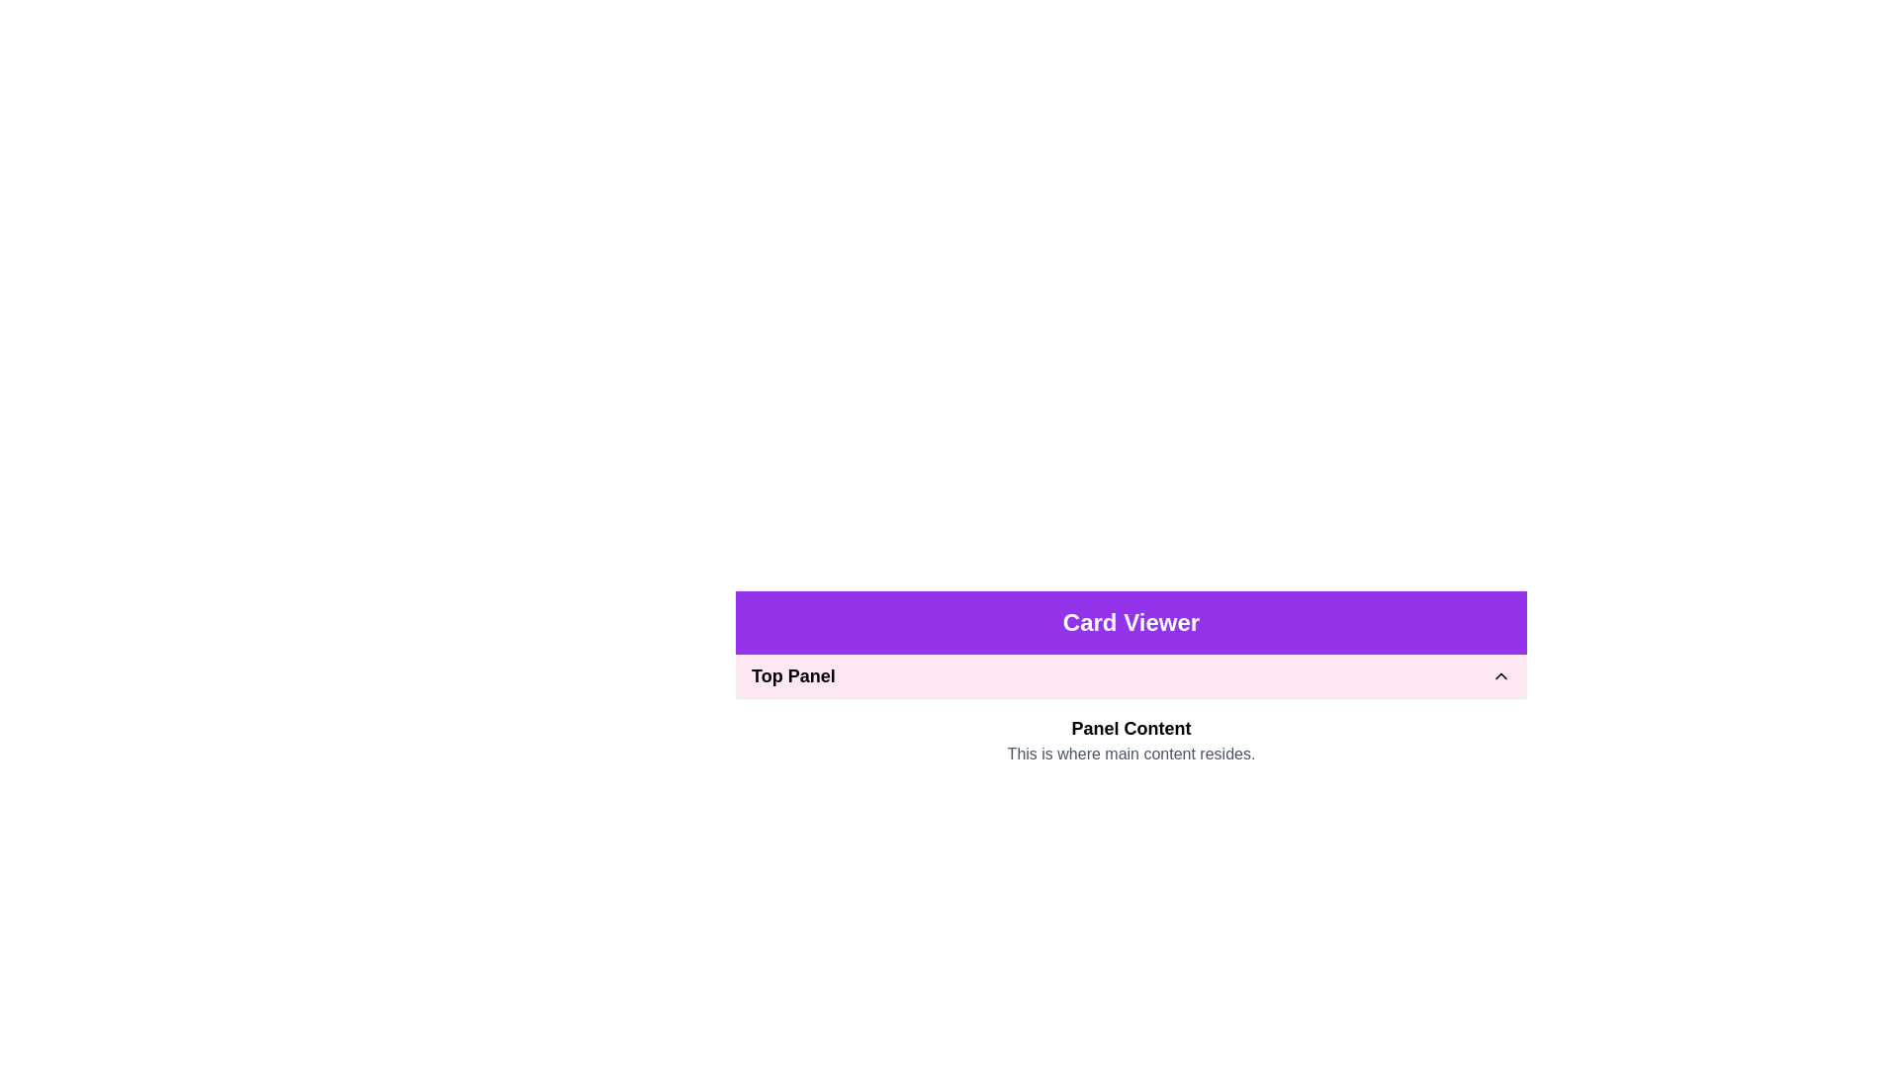 Image resolution: width=1899 pixels, height=1068 pixels. What do you see at coordinates (1130, 621) in the screenshot?
I see `text displayed in the 'Card Viewer' label, which is a bold, large font styled in white against a vibrant purple background, located near the center of the purple bar at the top of the interface` at bounding box center [1130, 621].